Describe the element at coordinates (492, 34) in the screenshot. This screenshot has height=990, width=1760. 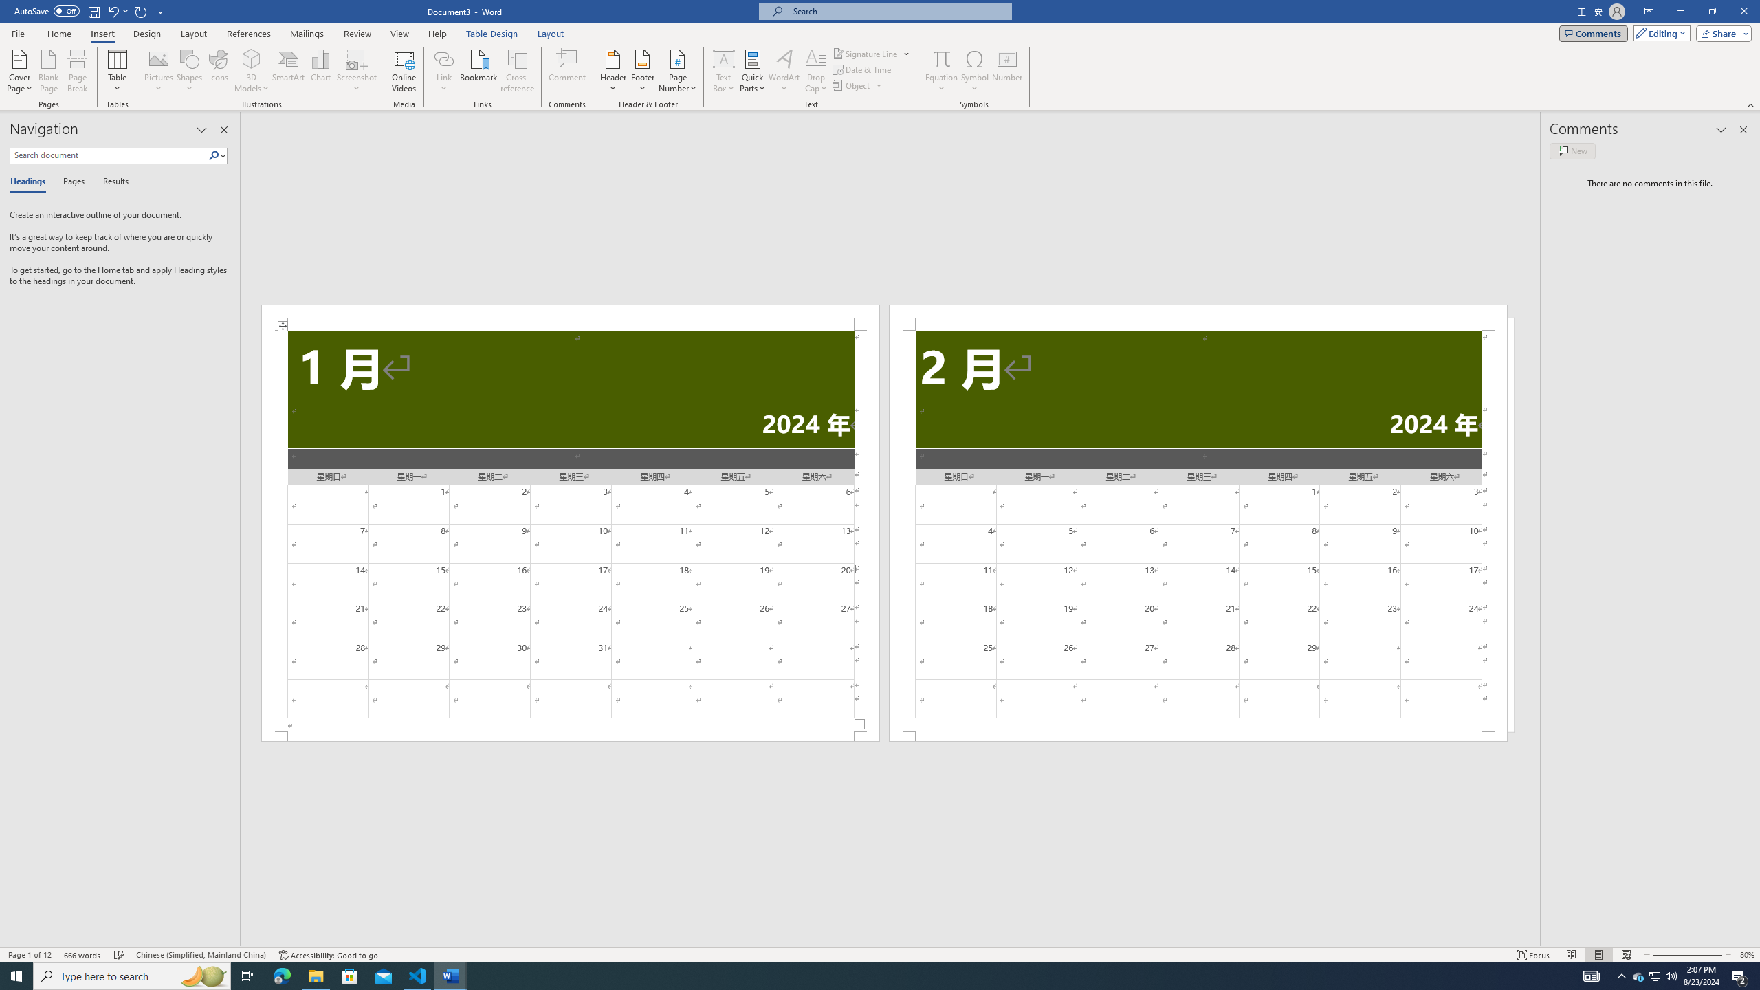
I see `'Table Design'` at that location.